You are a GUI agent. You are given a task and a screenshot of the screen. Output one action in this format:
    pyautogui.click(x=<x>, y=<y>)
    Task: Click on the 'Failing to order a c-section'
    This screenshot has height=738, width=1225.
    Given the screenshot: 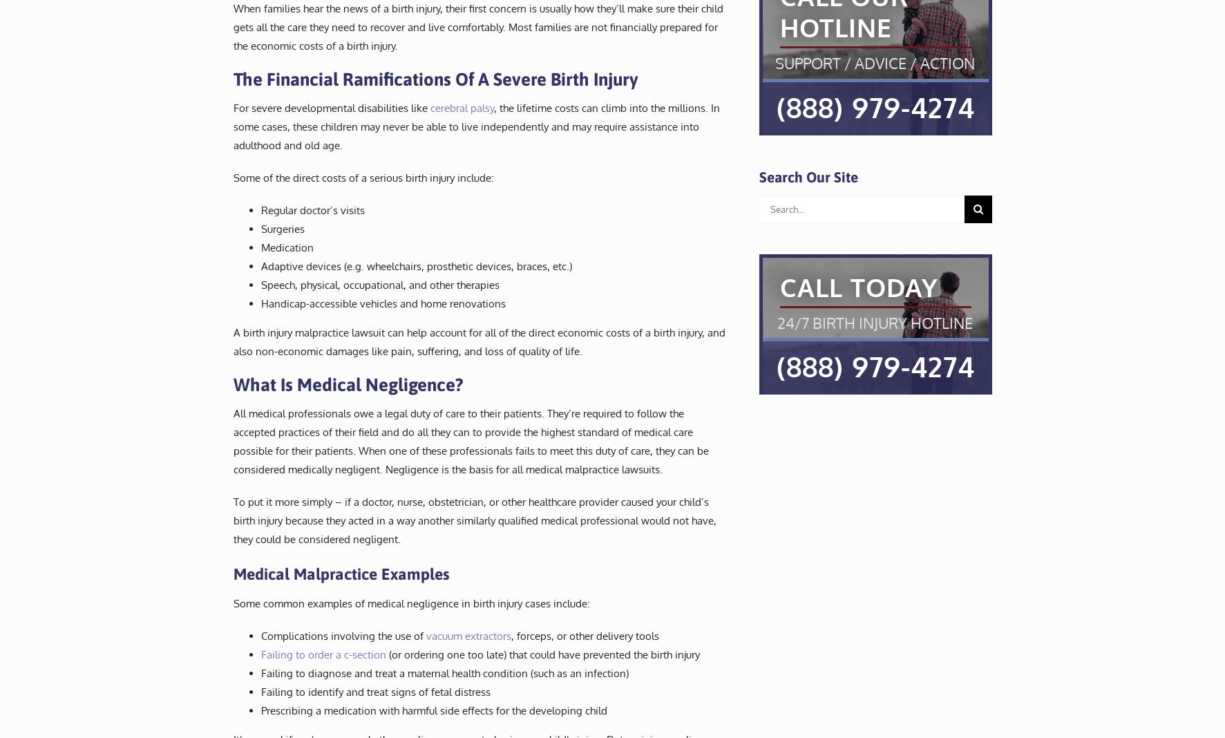 What is the action you would take?
    pyautogui.click(x=322, y=654)
    